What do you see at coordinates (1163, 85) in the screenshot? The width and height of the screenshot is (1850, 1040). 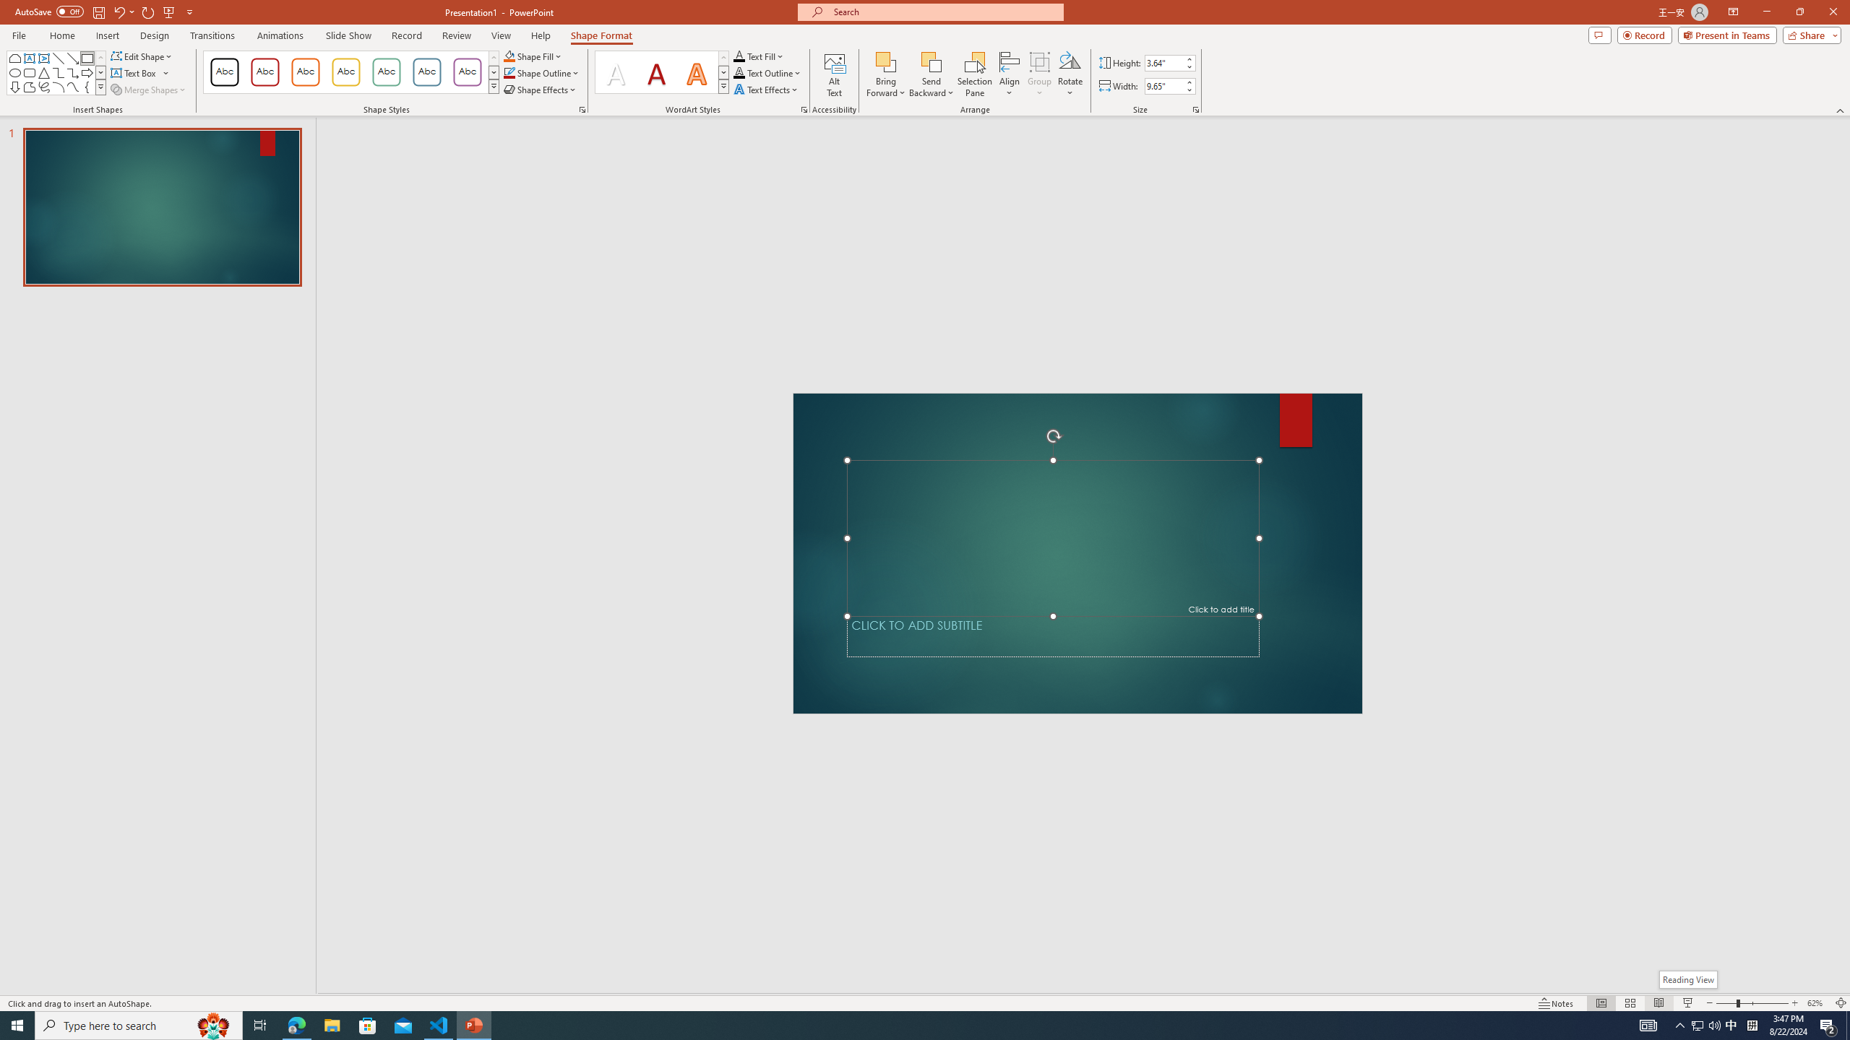 I see `'Shape Width'` at bounding box center [1163, 85].